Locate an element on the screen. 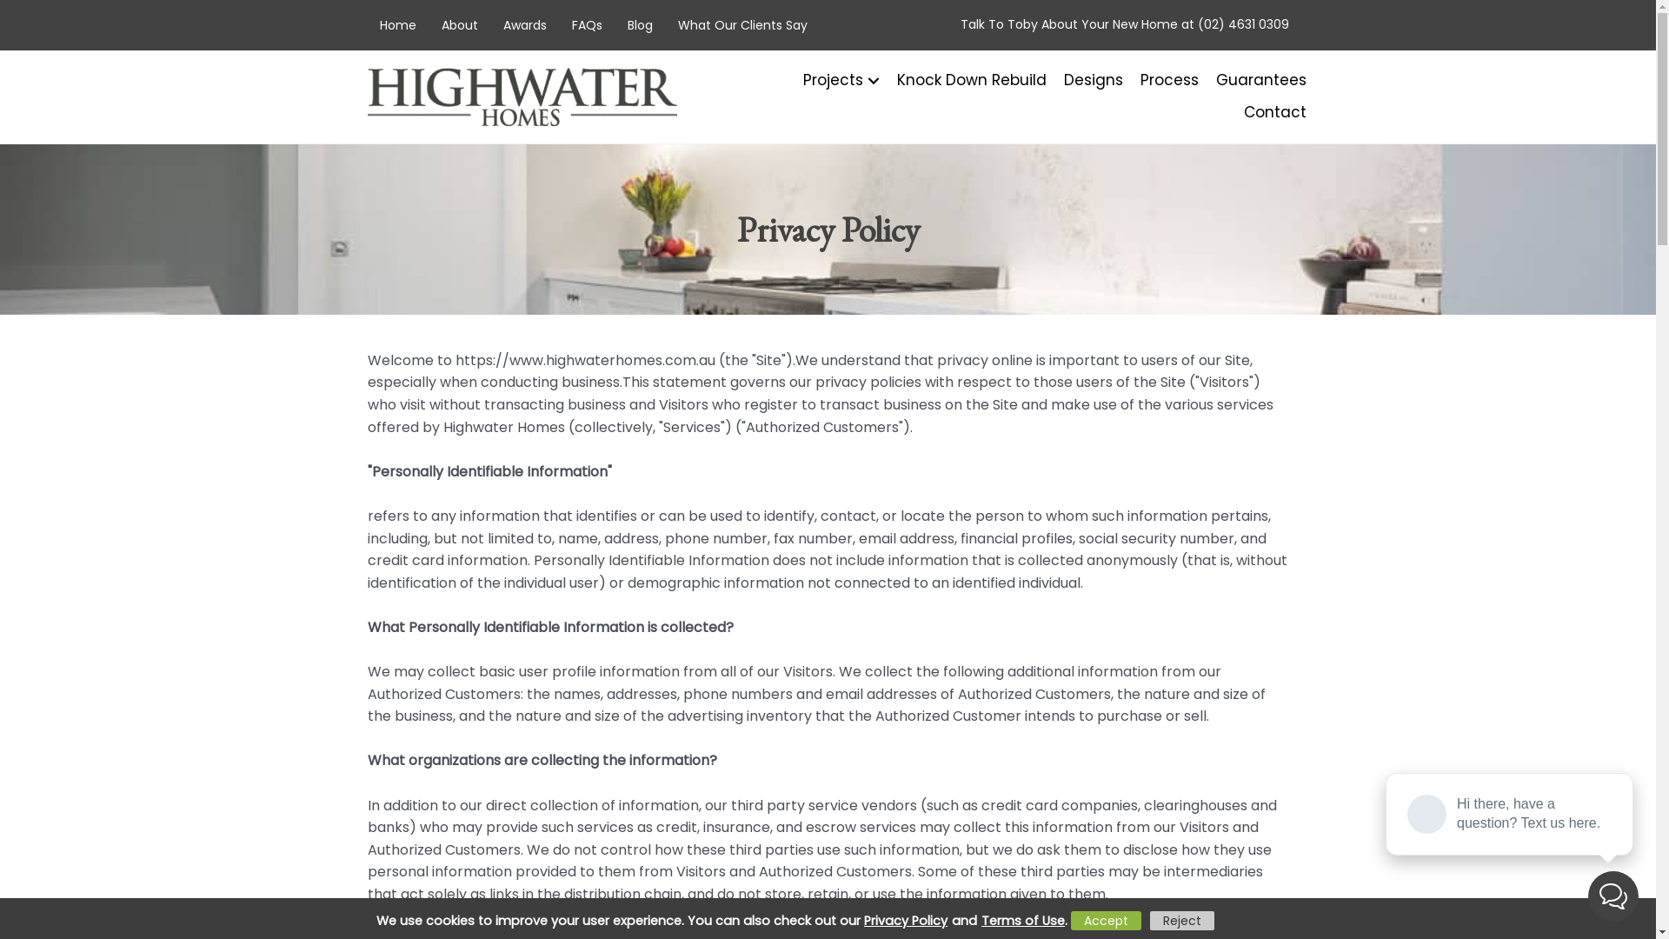 This screenshot has width=1669, height=939. 'FAQs' is located at coordinates (587, 25).